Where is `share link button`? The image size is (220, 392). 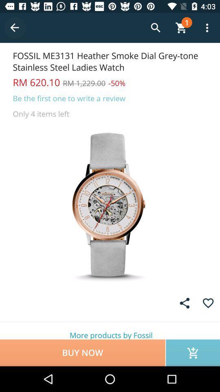 share link button is located at coordinates (185, 303).